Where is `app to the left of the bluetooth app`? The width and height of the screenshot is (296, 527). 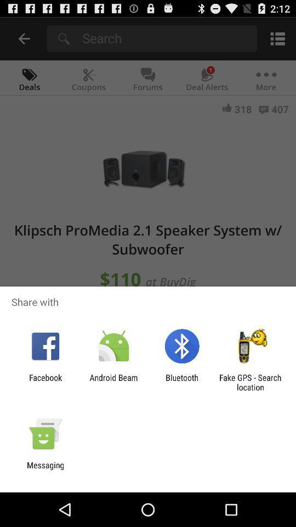
app to the left of the bluetooth app is located at coordinates (113, 382).